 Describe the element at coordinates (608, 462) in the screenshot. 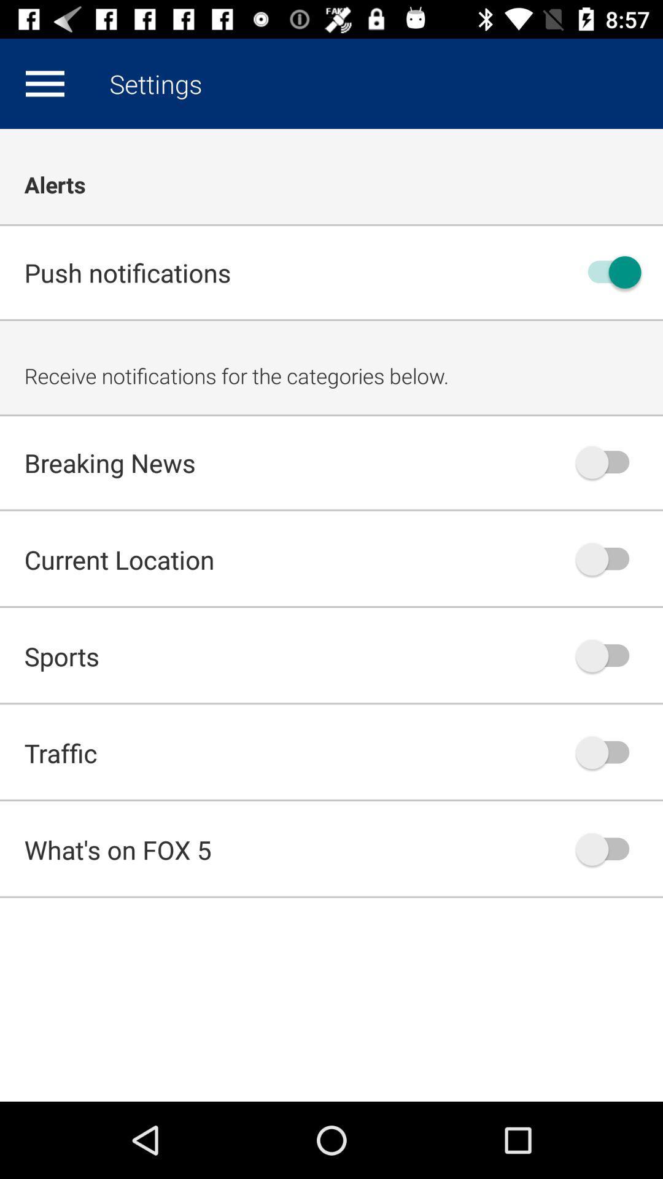

I see `breaking news` at that location.